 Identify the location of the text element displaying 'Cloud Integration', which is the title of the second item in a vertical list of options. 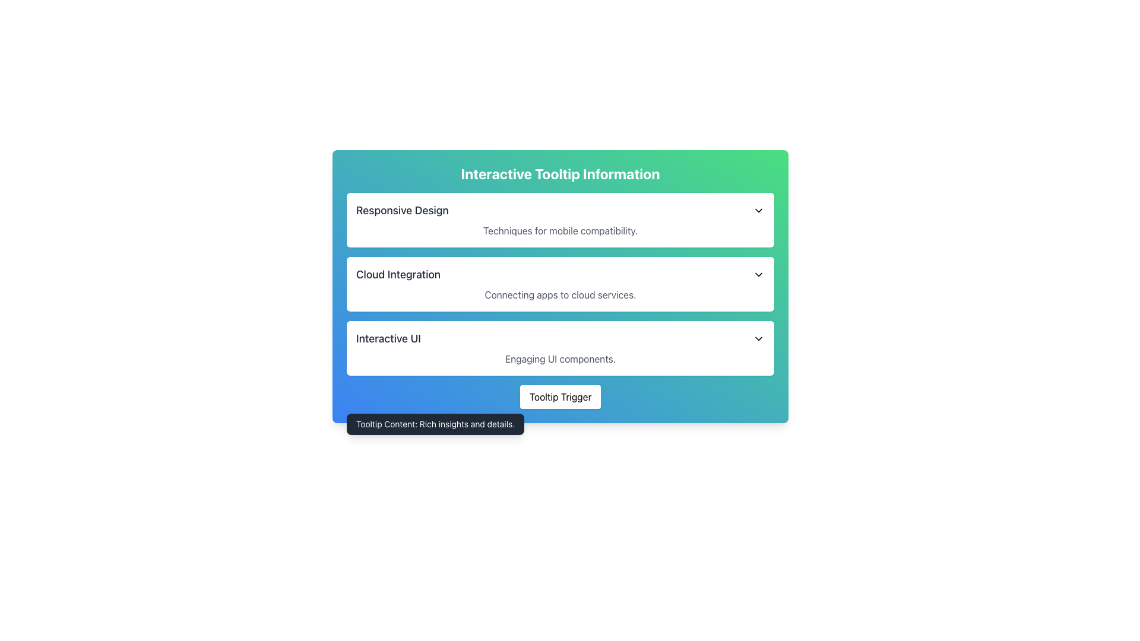
(398, 274).